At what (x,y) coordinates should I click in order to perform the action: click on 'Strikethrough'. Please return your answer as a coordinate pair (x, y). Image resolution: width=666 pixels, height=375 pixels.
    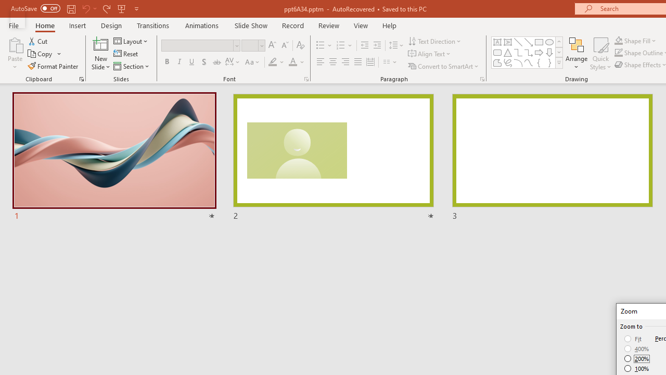
    Looking at the image, I should click on (216, 62).